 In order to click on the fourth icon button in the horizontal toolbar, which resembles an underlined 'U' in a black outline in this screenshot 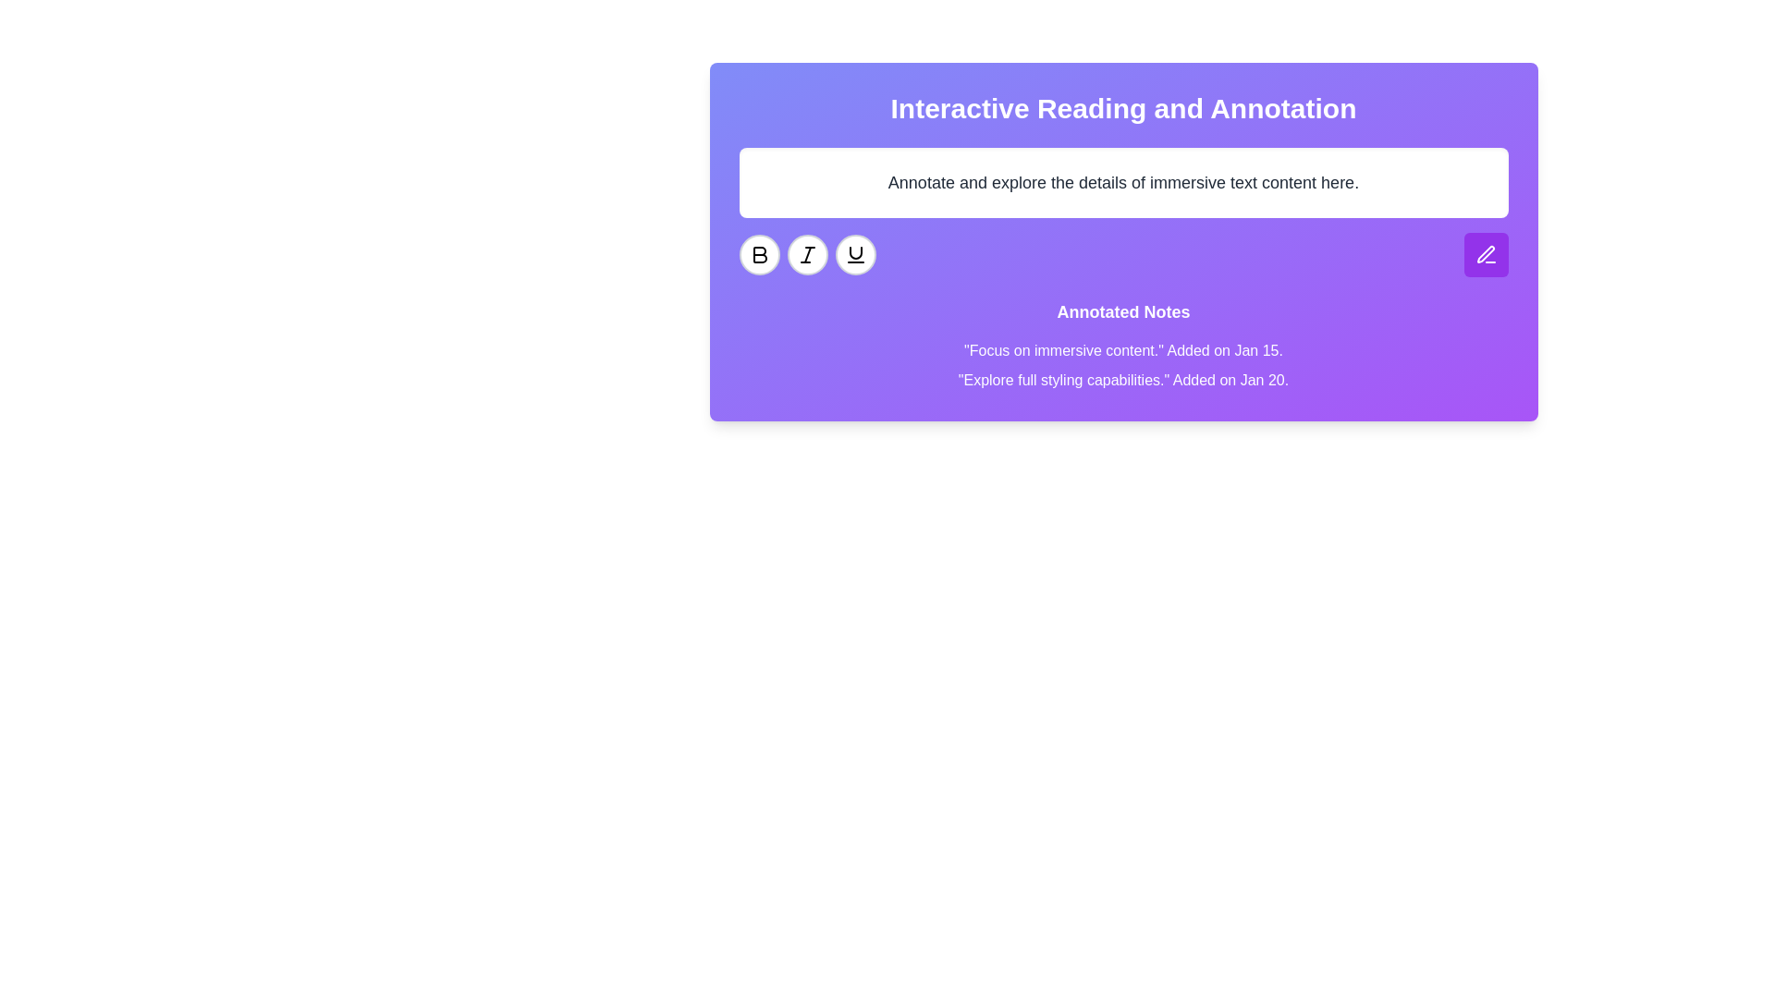, I will do `click(854, 255)`.